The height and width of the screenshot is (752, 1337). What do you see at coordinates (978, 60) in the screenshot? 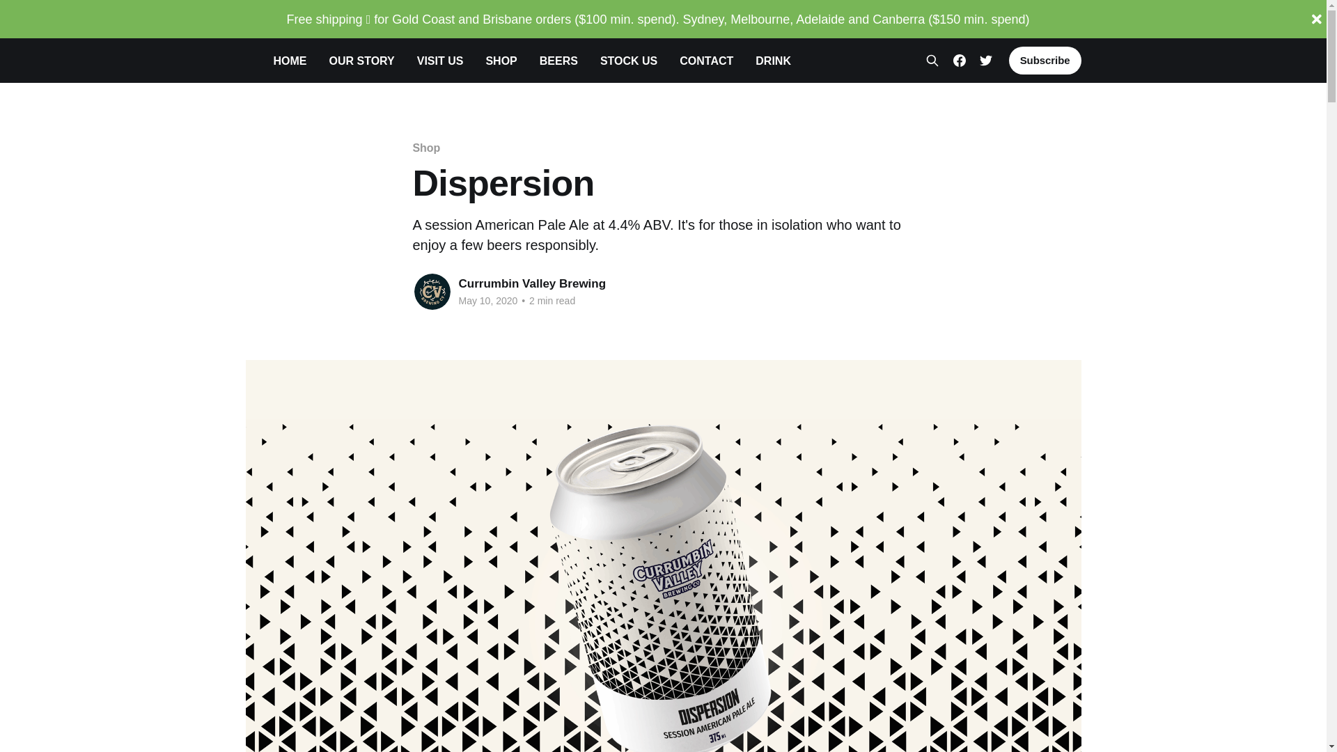
I see `'Twitter'` at bounding box center [978, 60].